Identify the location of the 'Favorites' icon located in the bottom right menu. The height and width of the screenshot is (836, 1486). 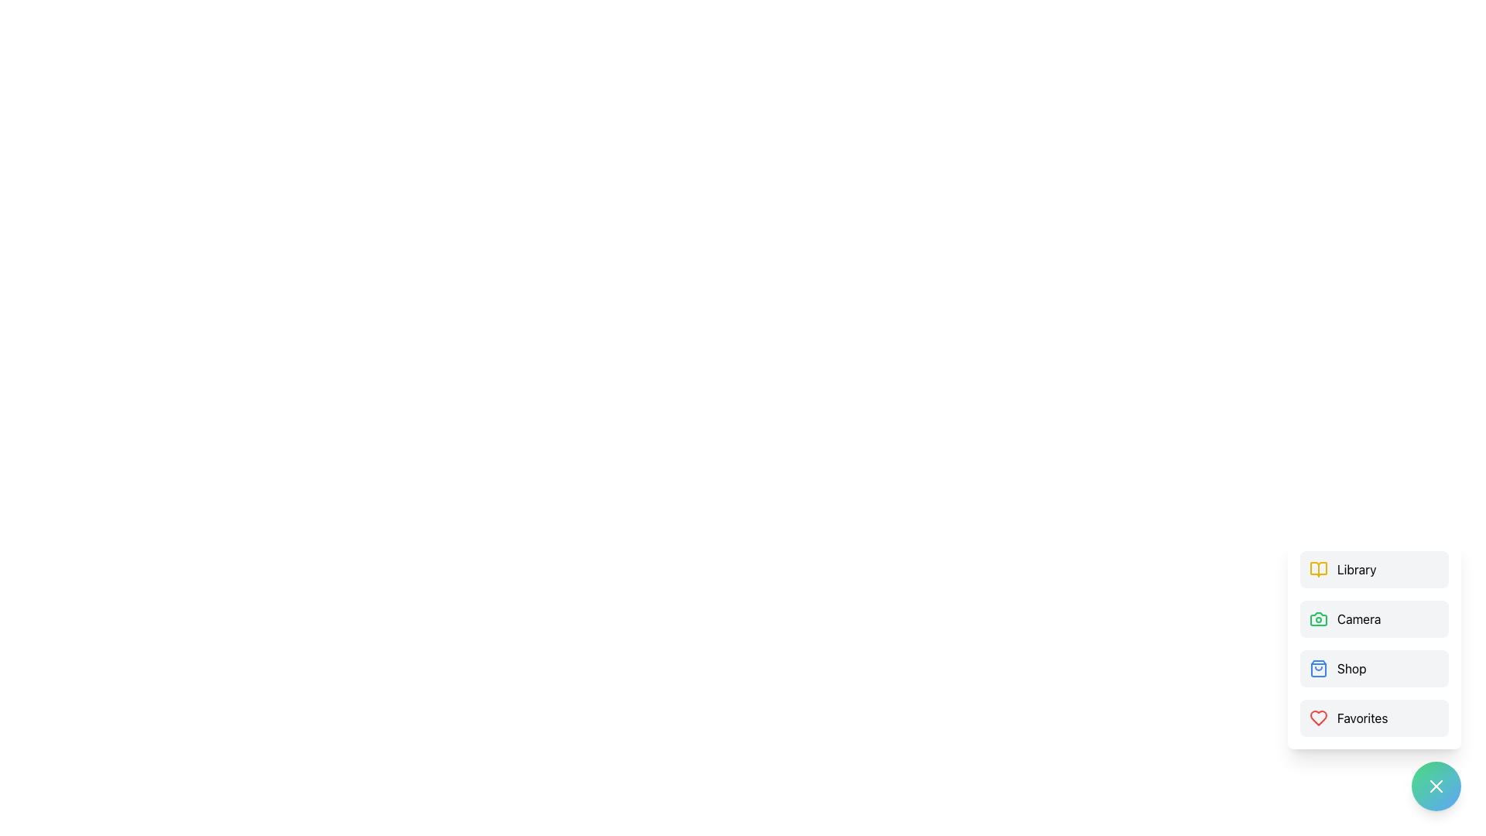
(1318, 718).